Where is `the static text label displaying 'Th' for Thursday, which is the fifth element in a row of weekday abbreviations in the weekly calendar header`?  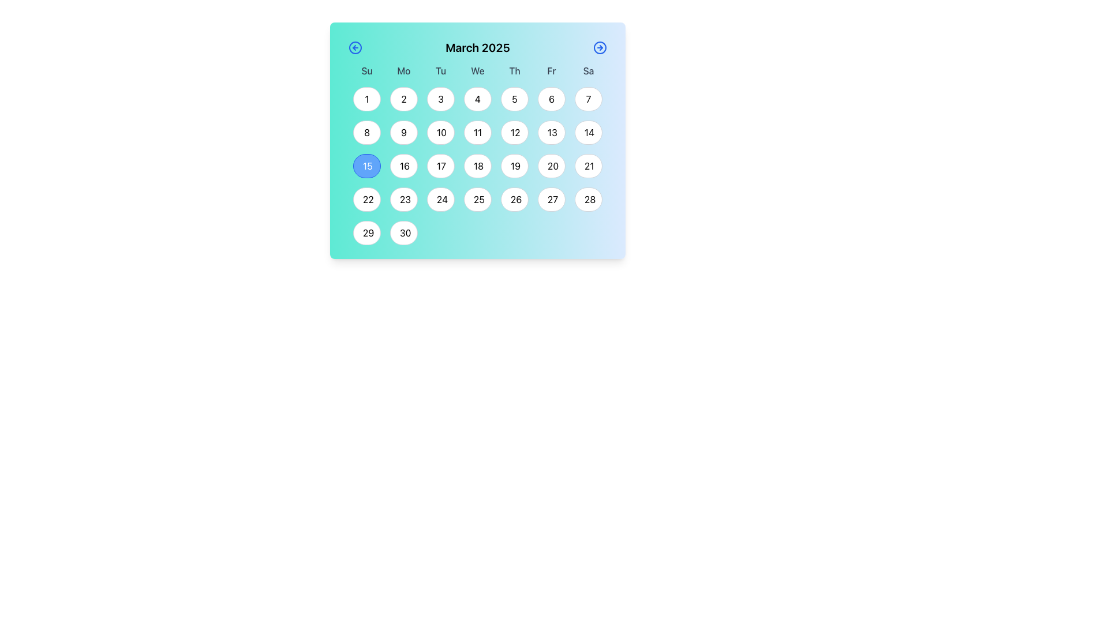 the static text label displaying 'Th' for Thursday, which is the fifth element in a row of weekday abbreviations in the weekly calendar header is located at coordinates (514, 71).